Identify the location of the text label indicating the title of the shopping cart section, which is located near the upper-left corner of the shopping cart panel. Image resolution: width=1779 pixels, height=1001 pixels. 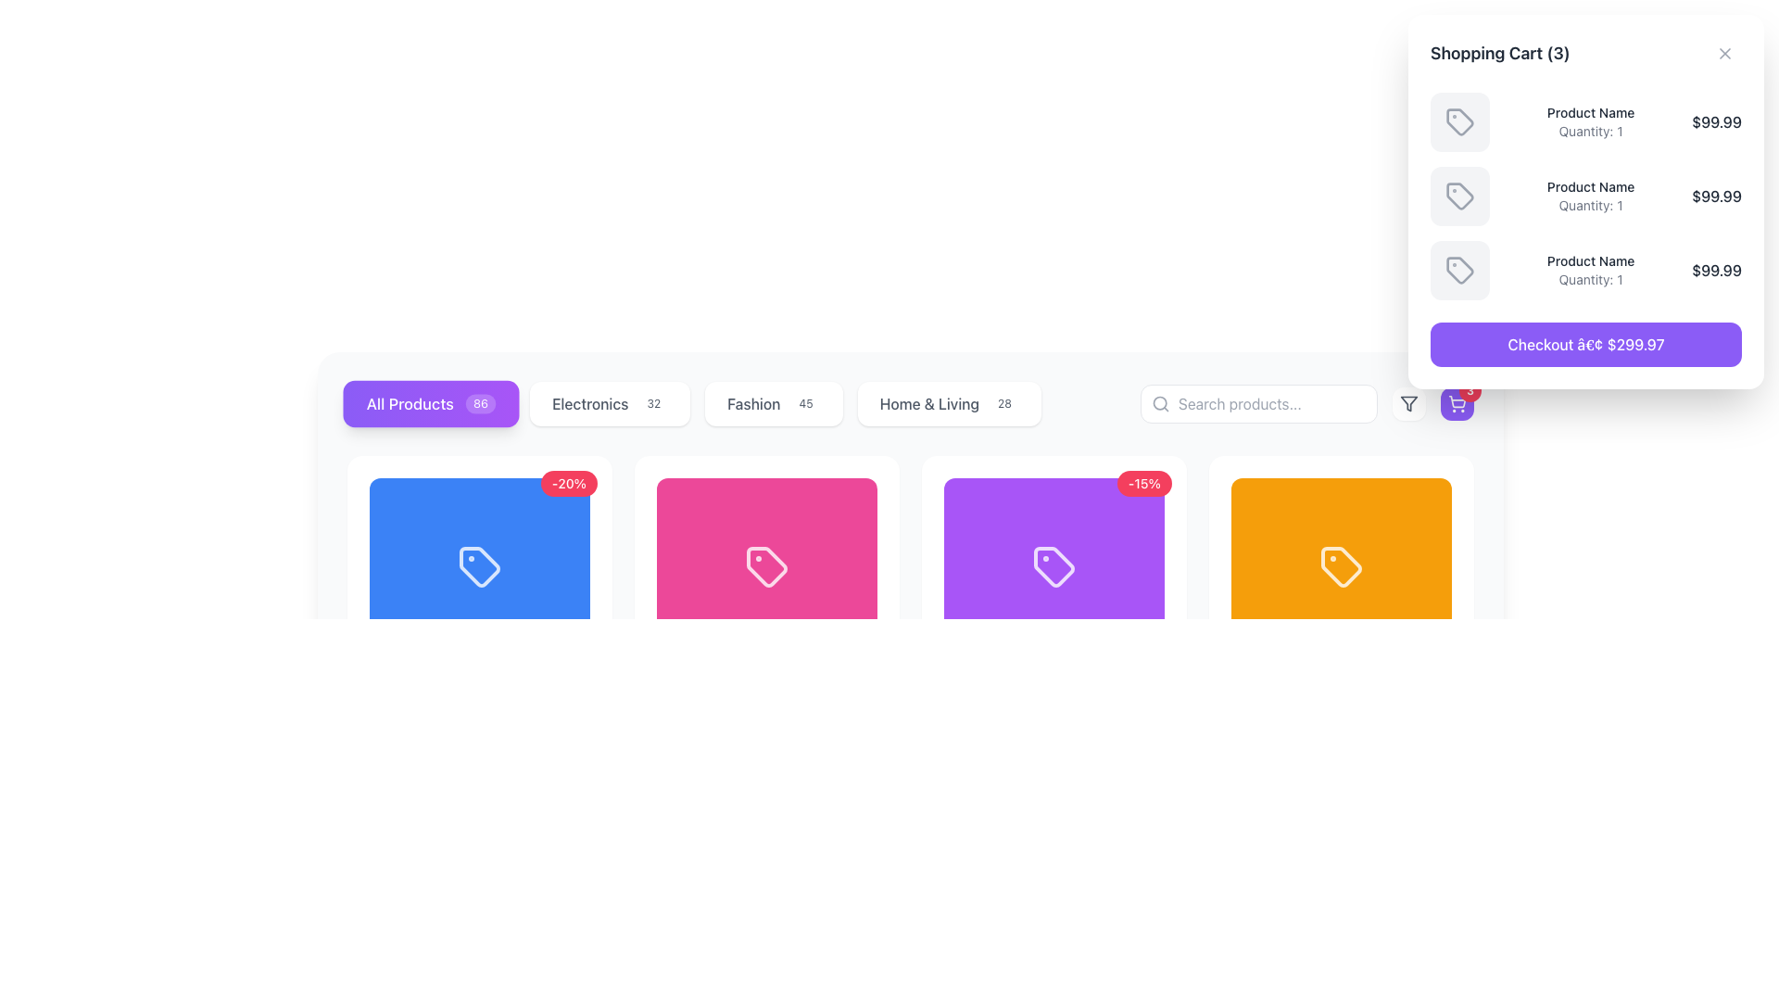
(1500, 52).